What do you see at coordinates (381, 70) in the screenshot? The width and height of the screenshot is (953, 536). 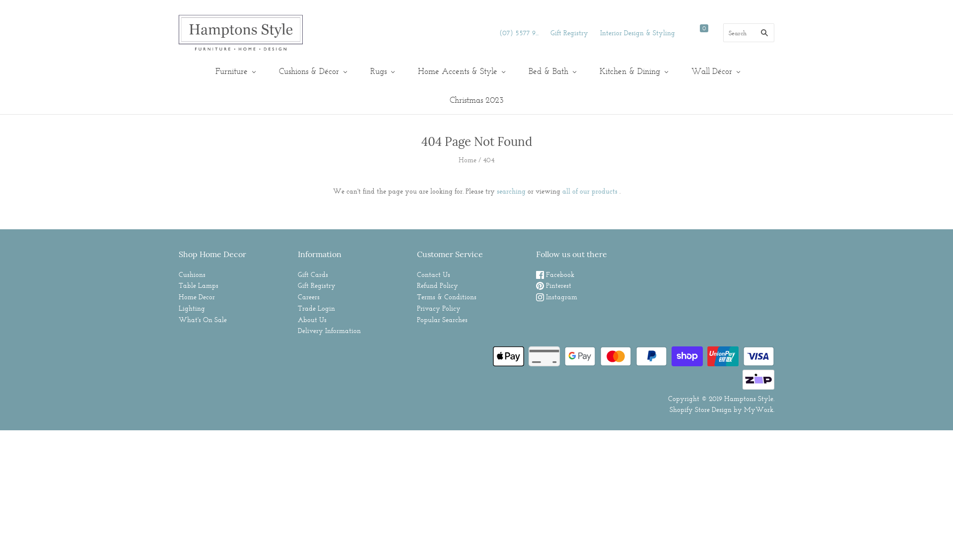 I see `'Rugs'` at bounding box center [381, 70].